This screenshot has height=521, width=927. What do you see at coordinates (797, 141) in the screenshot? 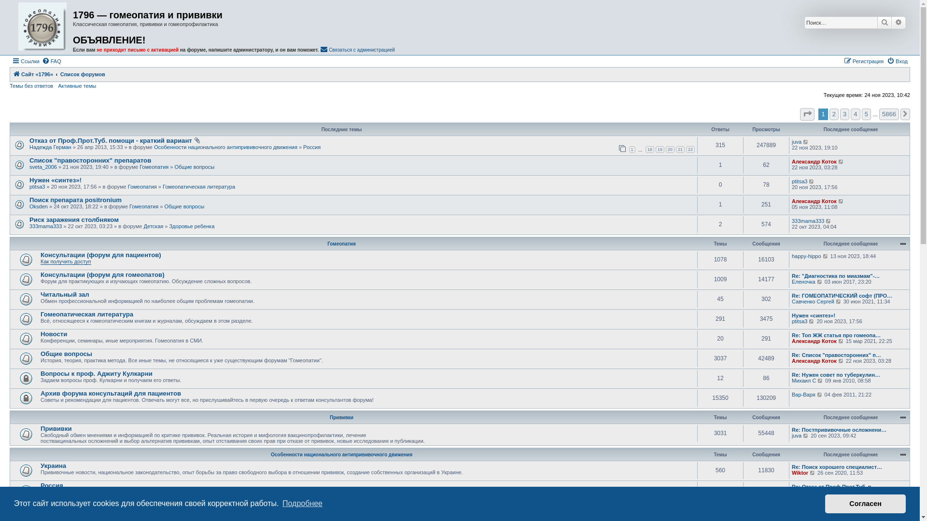
I see `'juva'` at bounding box center [797, 141].